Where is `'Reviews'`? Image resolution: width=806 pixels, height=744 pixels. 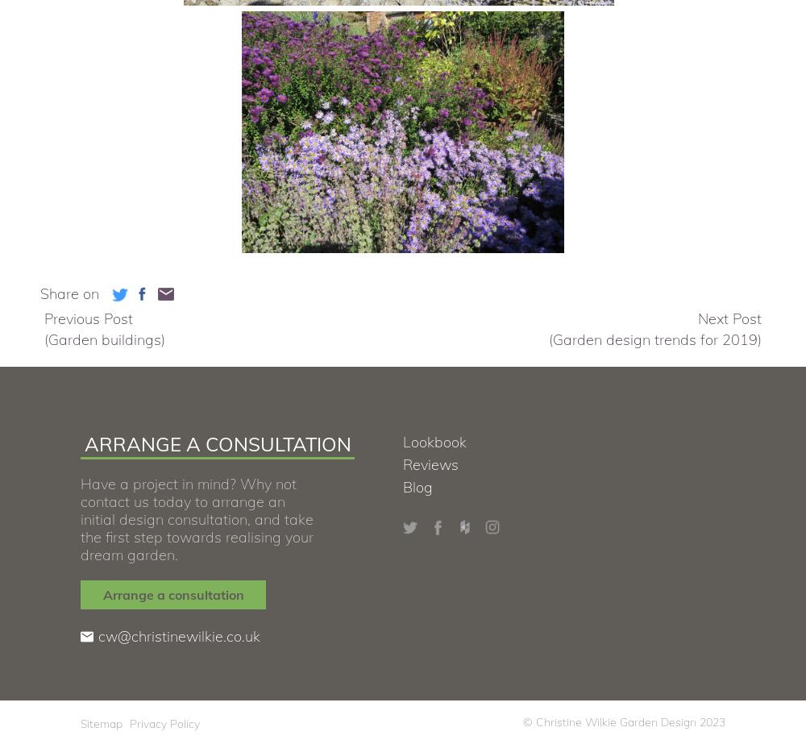
'Reviews' is located at coordinates (430, 463).